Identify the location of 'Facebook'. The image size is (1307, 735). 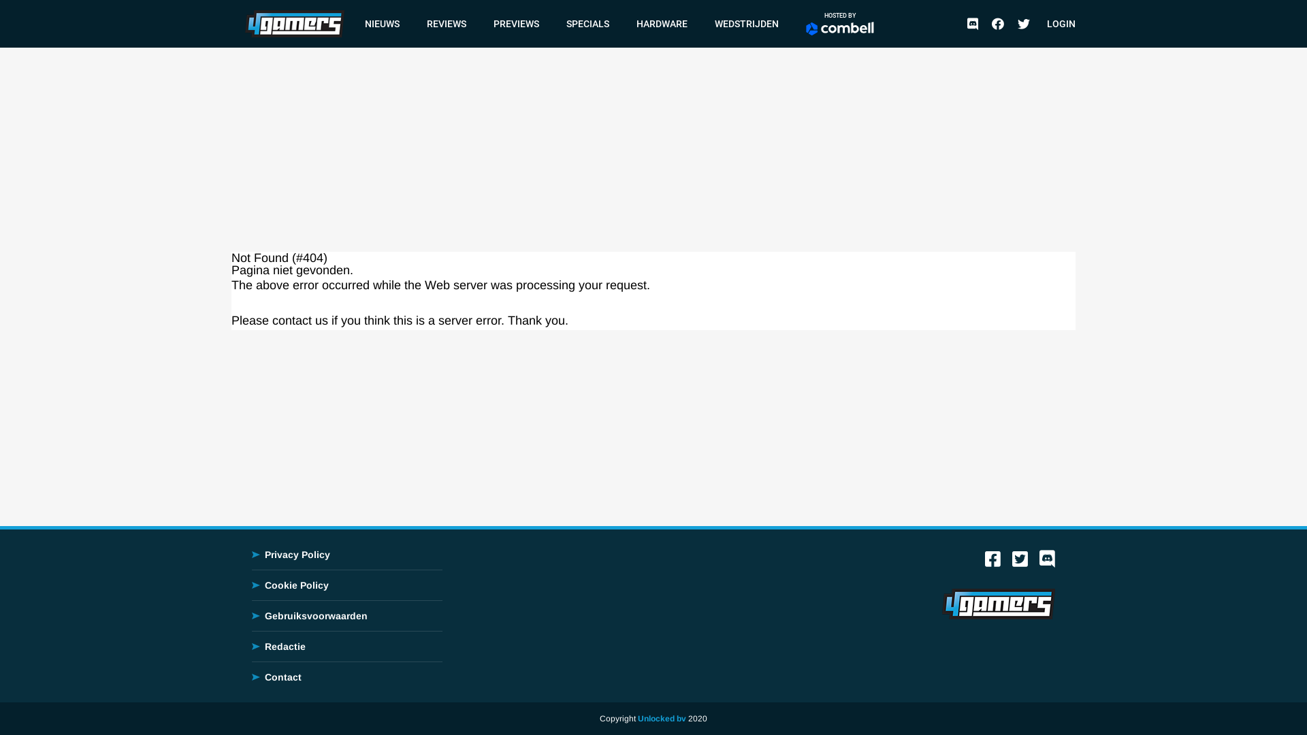
(993, 562).